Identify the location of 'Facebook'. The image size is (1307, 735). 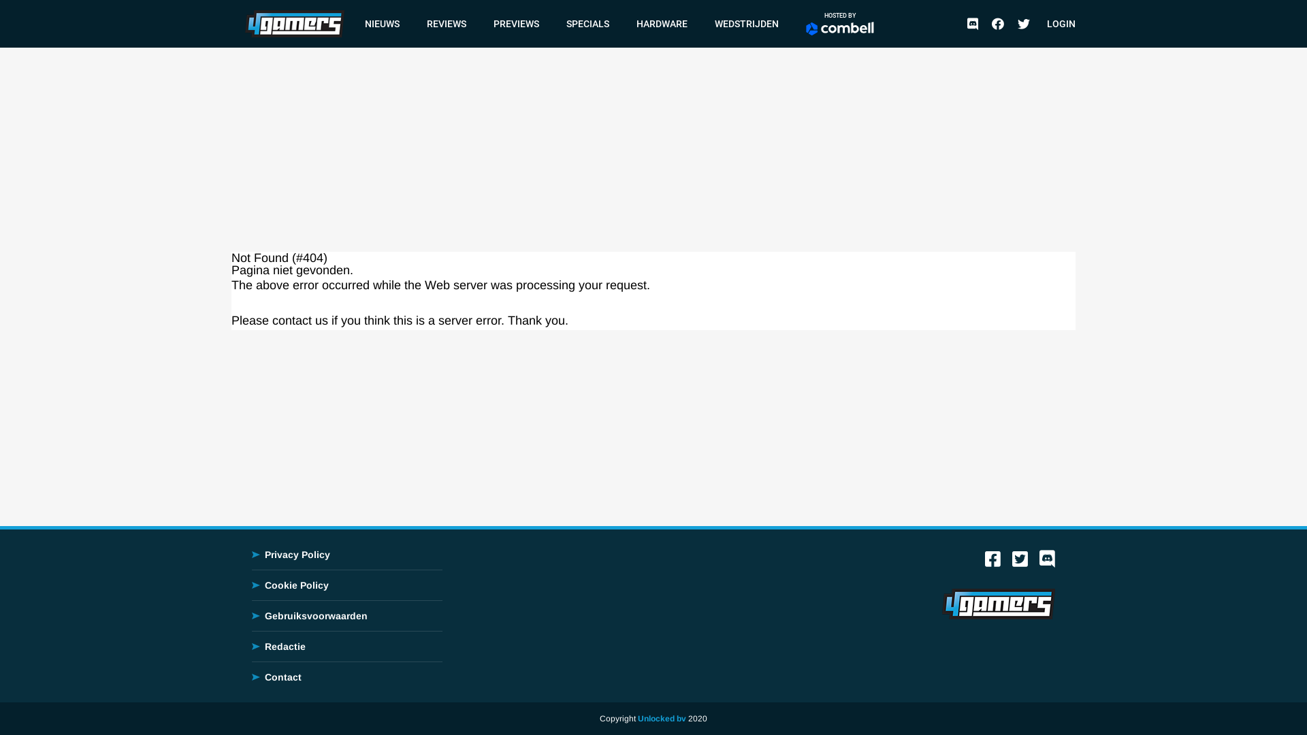
(993, 562).